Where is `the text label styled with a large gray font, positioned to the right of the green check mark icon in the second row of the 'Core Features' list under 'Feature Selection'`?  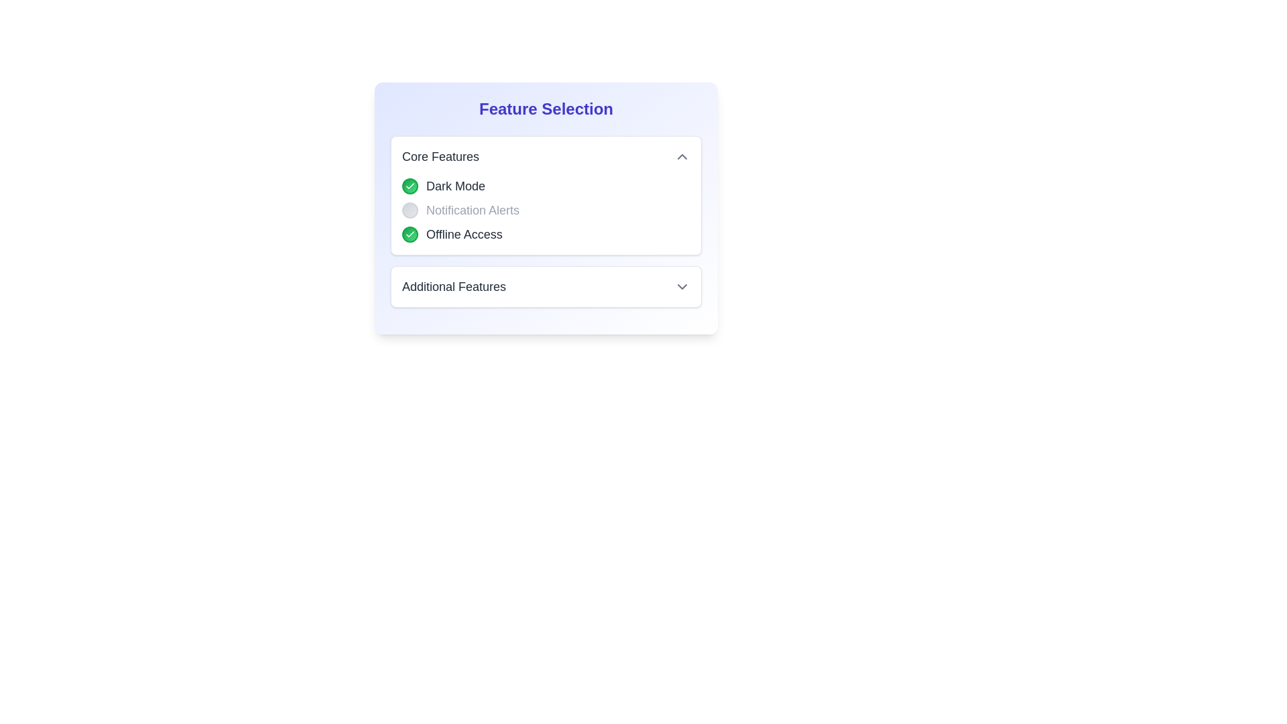
the text label styled with a large gray font, positioned to the right of the green check mark icon in the second row of the 'Core Features' list under 'Feature Selection' is located at coordinates (456, 186).